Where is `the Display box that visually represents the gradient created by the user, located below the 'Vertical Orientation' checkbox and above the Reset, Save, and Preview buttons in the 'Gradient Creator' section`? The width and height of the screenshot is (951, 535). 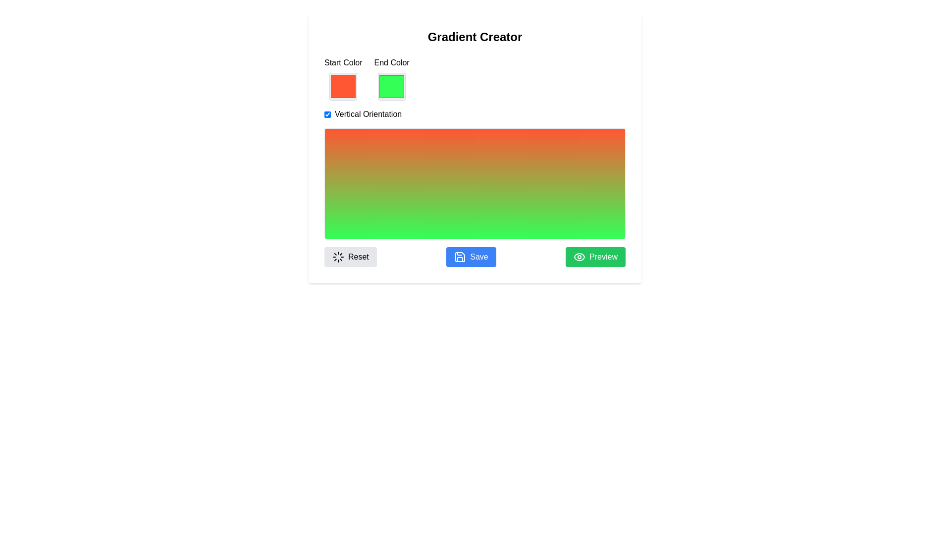
the Display box that visually represents the gradient created by the user, located below the 'Vertical Orientation' checkbox and above the Reset, Save, and Preview buttons in the 'Gradient Creator' section is located at coordinates (475, 161).